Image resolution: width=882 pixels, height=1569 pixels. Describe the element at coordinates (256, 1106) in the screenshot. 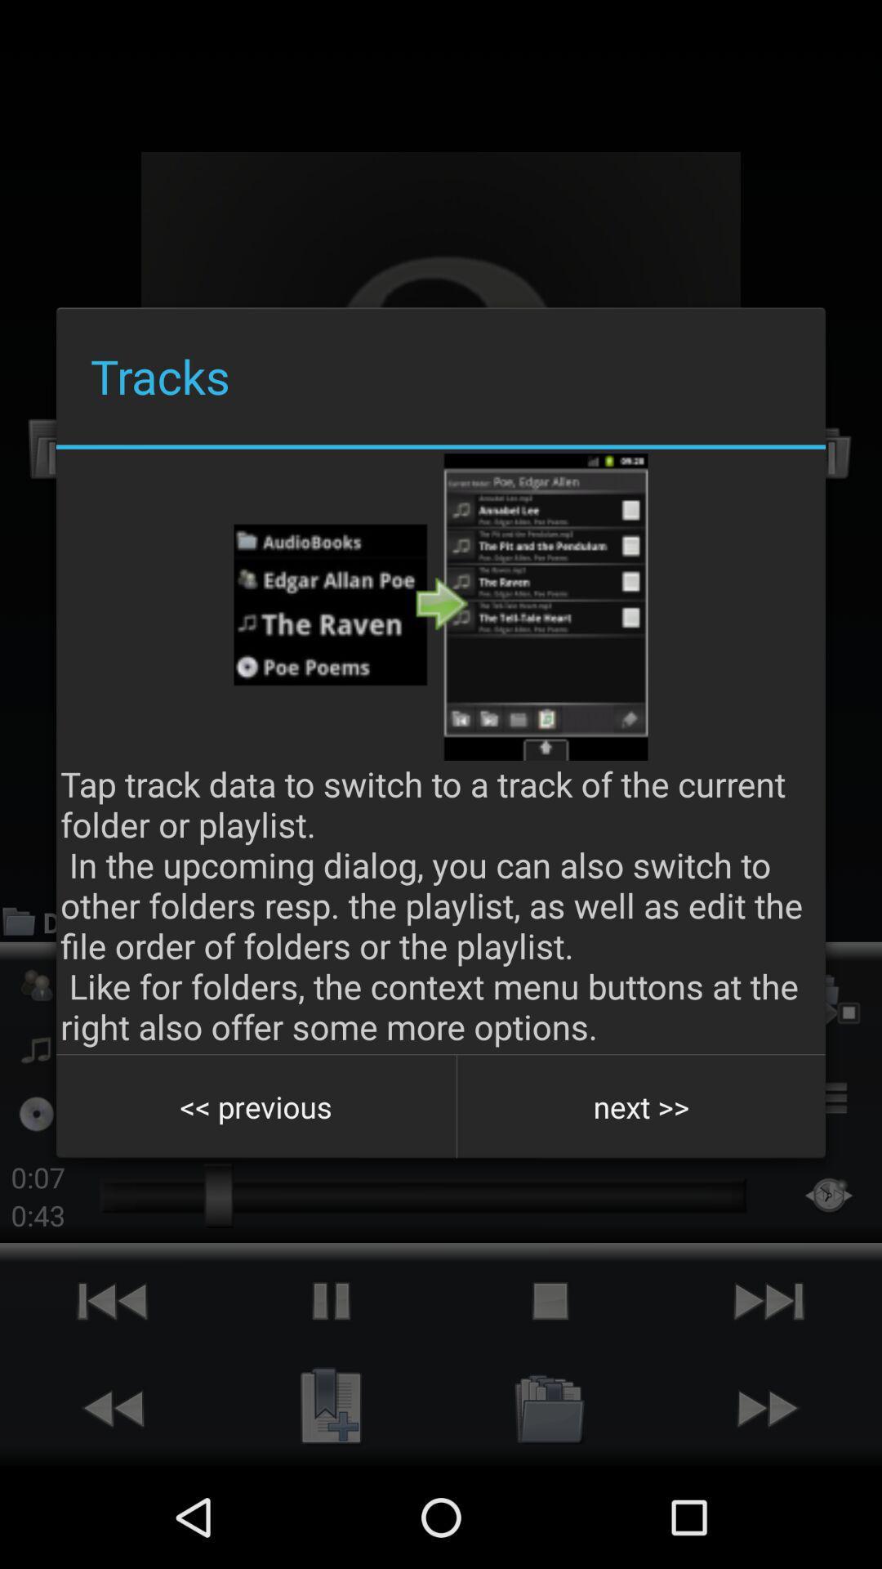

I see `item next to the next >>` at that location.